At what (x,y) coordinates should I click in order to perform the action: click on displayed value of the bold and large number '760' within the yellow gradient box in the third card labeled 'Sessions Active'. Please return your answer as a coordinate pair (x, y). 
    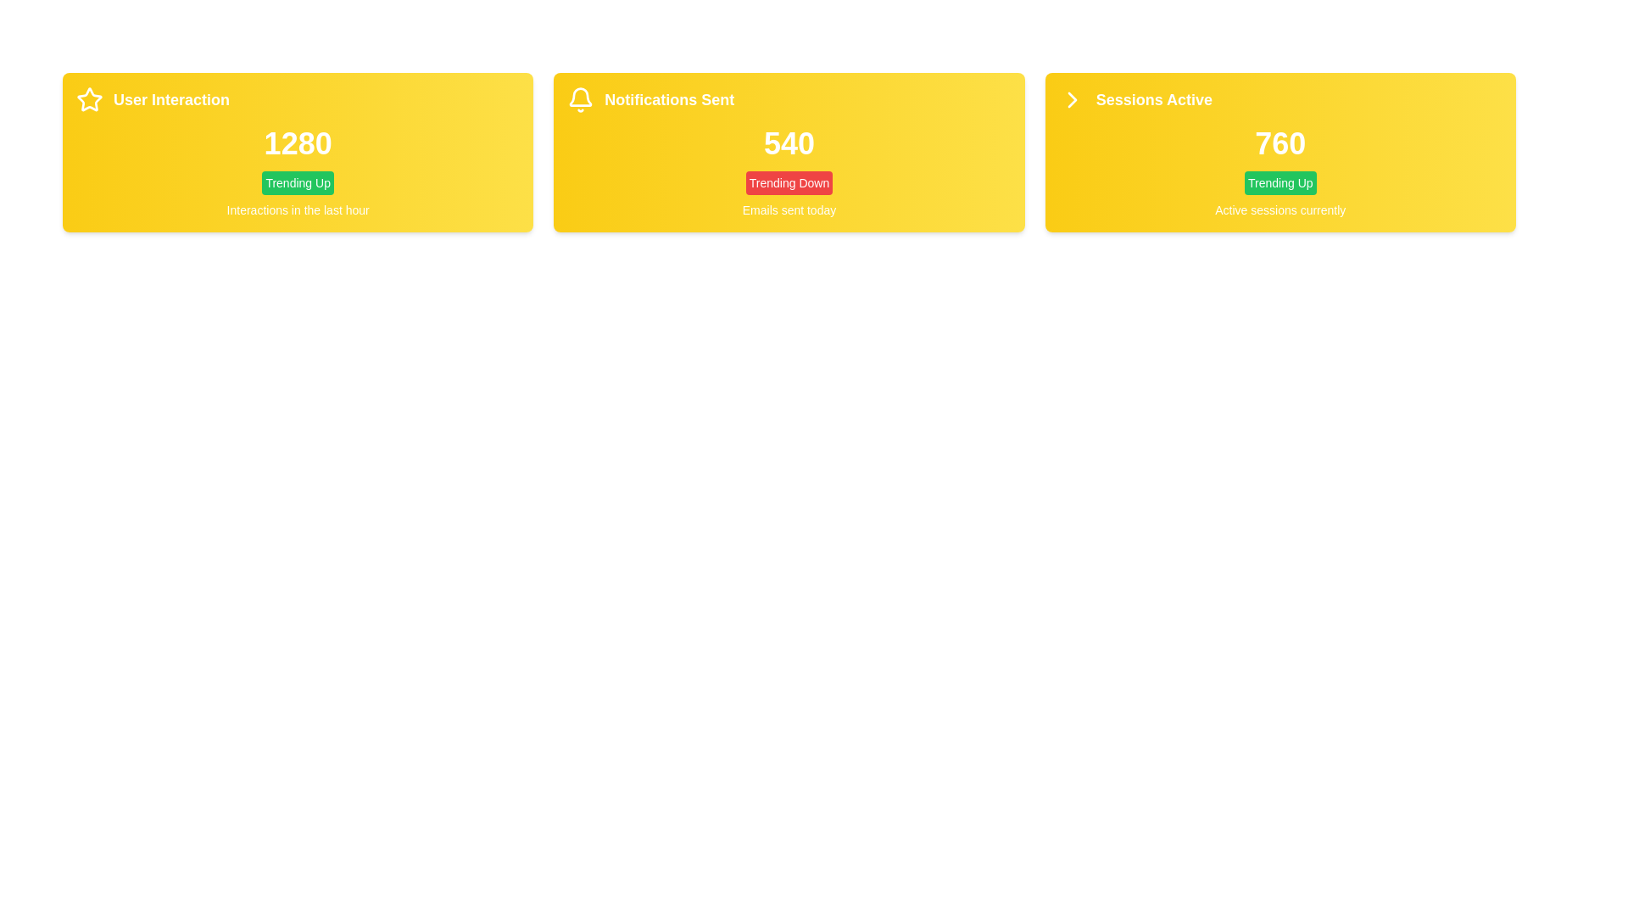
    Looking at the image, I should click on (1280, 142).